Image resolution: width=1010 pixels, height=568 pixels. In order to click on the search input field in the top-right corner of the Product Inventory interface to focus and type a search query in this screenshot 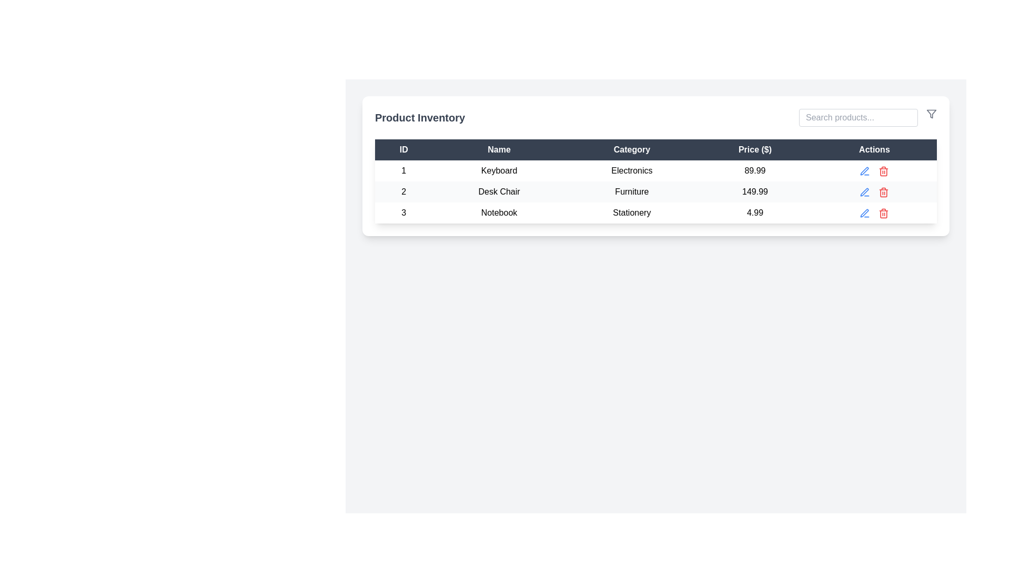, I will do `click(858, 117)`.